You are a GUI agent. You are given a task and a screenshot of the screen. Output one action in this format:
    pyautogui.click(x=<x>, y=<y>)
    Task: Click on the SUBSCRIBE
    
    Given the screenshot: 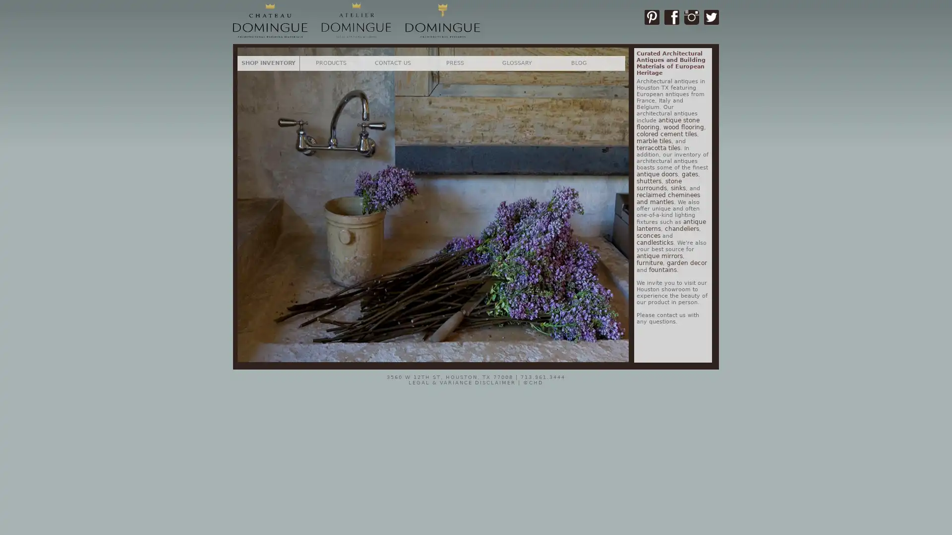 What is the action you would take?
    pyautogui.click(x=567, y=311)
    